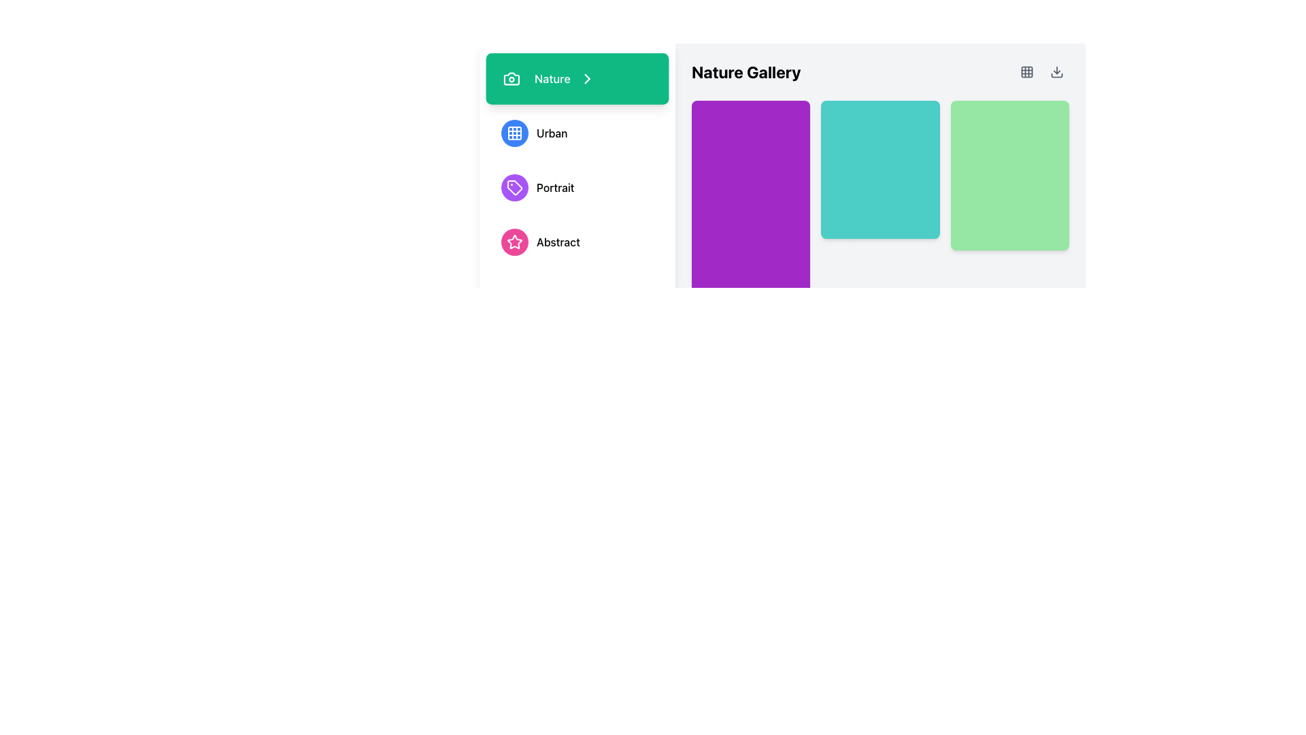 This screenshot has width=1306, height=735. Describe the element at coordinates (1056, 71) in the screenshot. I see `the gray outline download icon button located at the top-right corner of the gallery content area to initiate the download` at that location.